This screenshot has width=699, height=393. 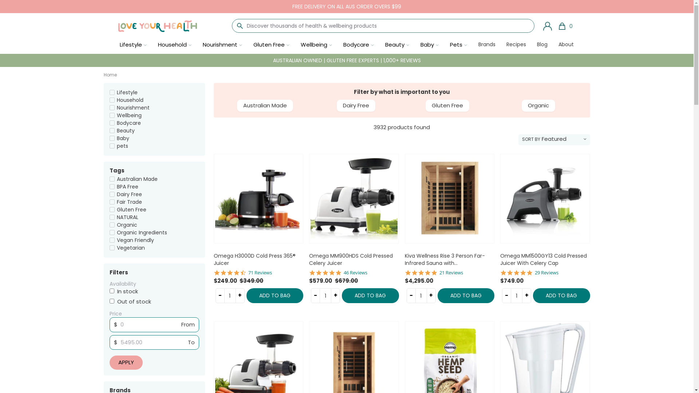 I want to click on 'Household', so click(x=117, y=100).